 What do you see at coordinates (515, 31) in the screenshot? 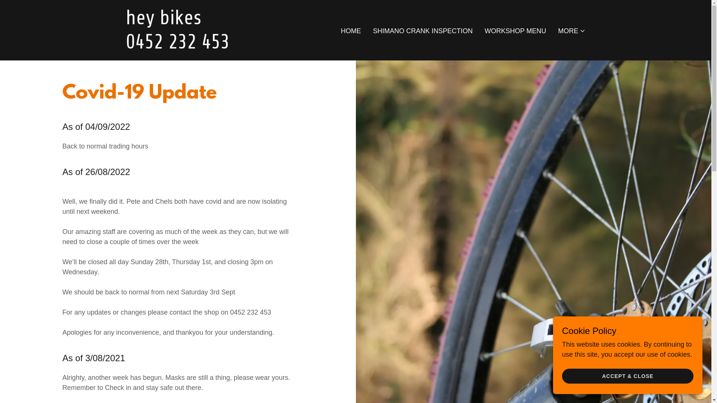
I see `'WORKSHOP MENU'` at bounding box center [515, 31].